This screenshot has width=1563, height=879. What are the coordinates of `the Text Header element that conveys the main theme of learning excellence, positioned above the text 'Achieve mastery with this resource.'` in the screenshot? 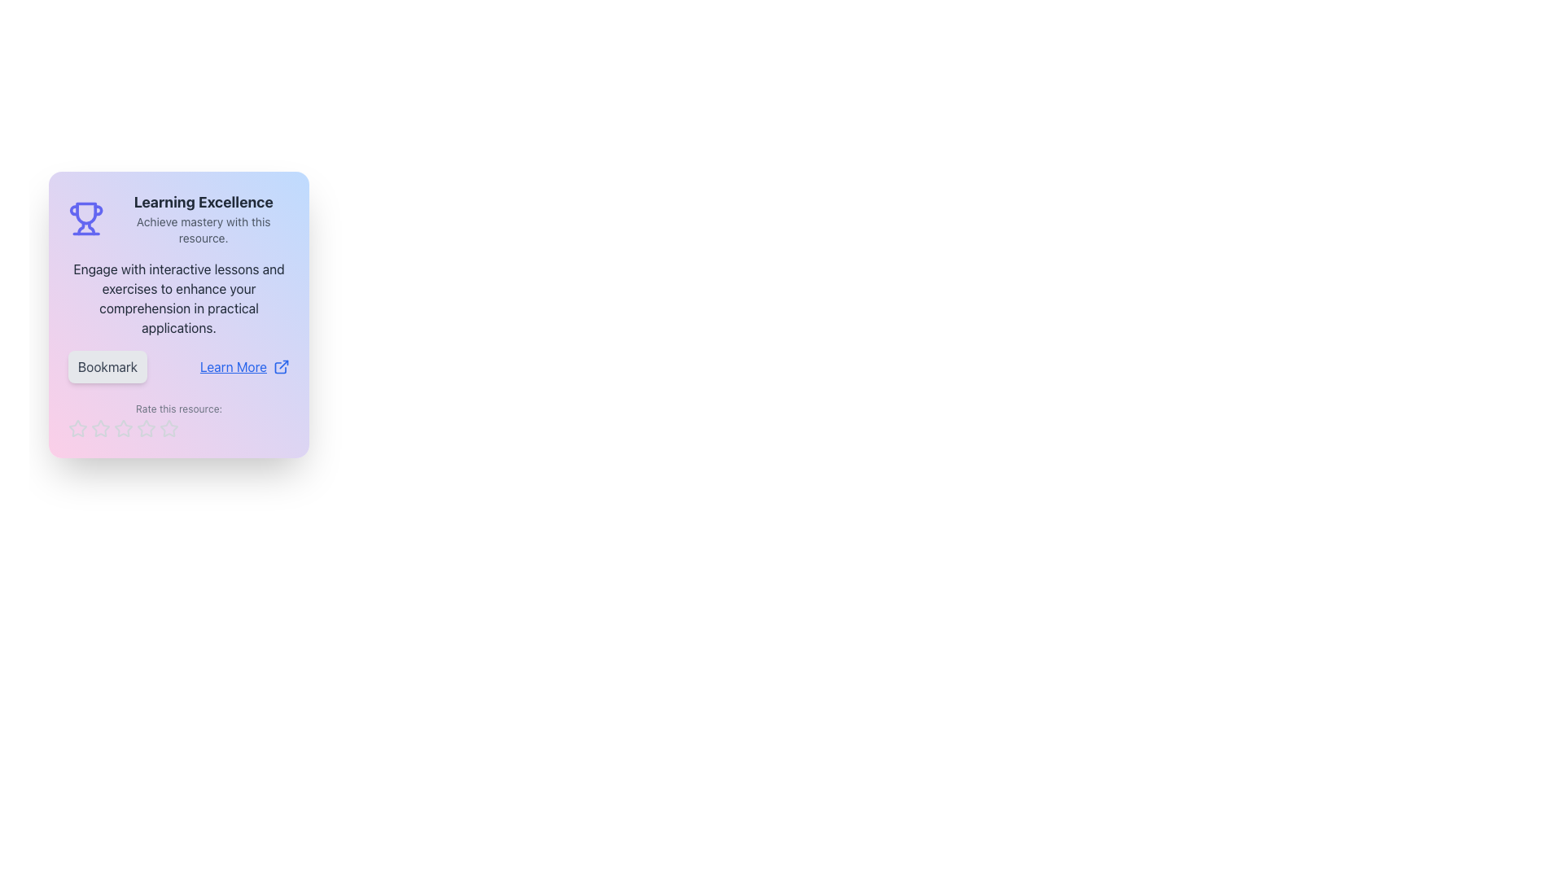 It's located at (203, 202).